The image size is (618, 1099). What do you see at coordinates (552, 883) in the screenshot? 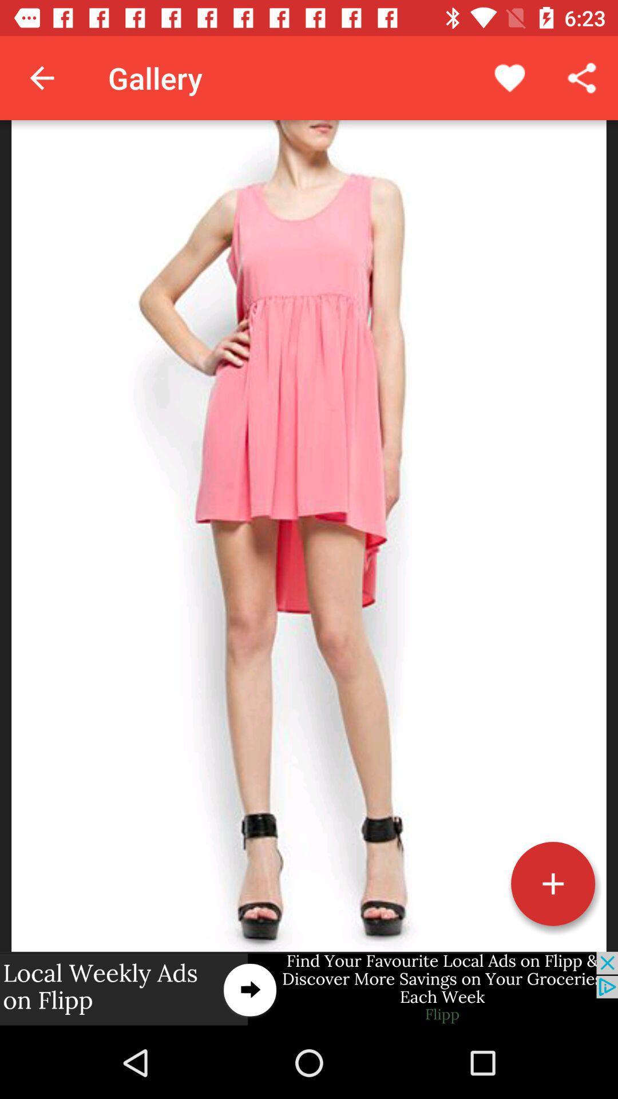
I see `image` at bounding box center [552, 883].